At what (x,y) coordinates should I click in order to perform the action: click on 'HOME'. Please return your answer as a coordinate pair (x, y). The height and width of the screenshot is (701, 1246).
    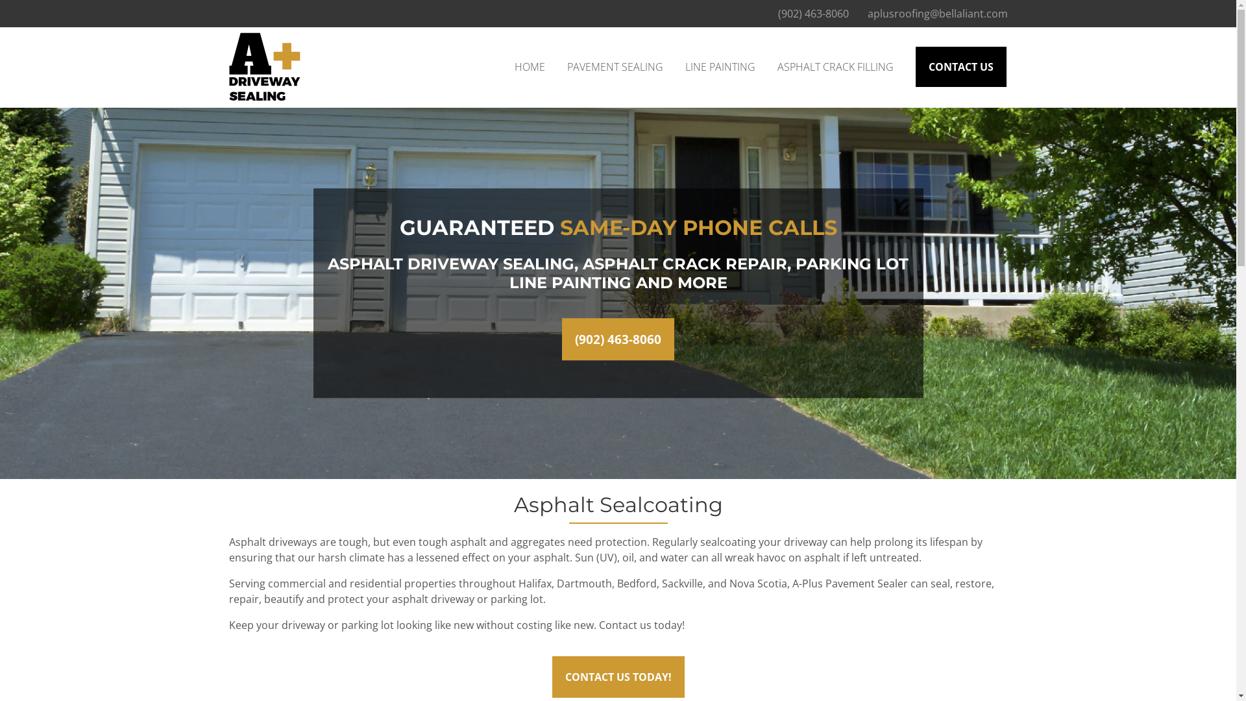
    Looking at the image, I should click on (529, 67).